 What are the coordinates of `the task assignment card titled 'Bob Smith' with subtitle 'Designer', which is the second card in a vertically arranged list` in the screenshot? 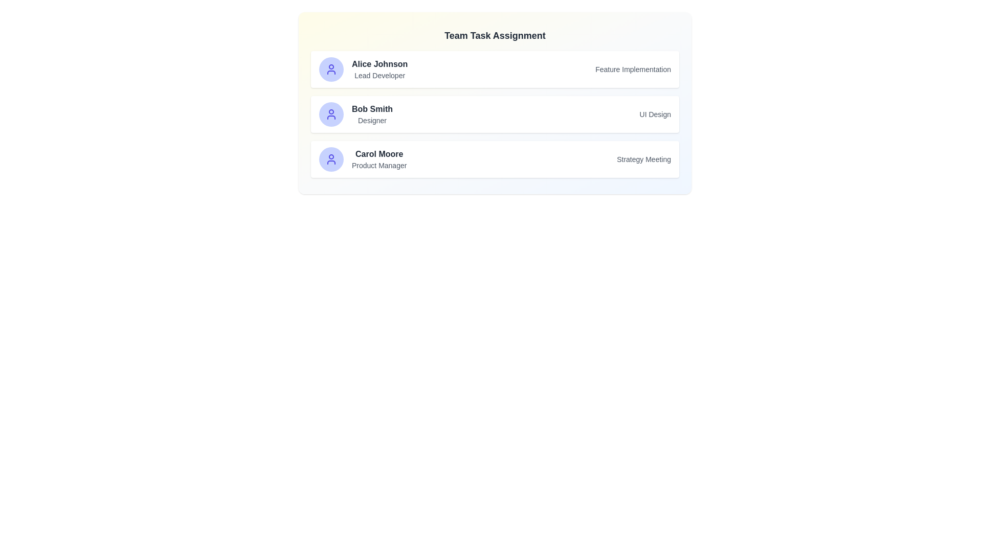 It's located at (495, 103).